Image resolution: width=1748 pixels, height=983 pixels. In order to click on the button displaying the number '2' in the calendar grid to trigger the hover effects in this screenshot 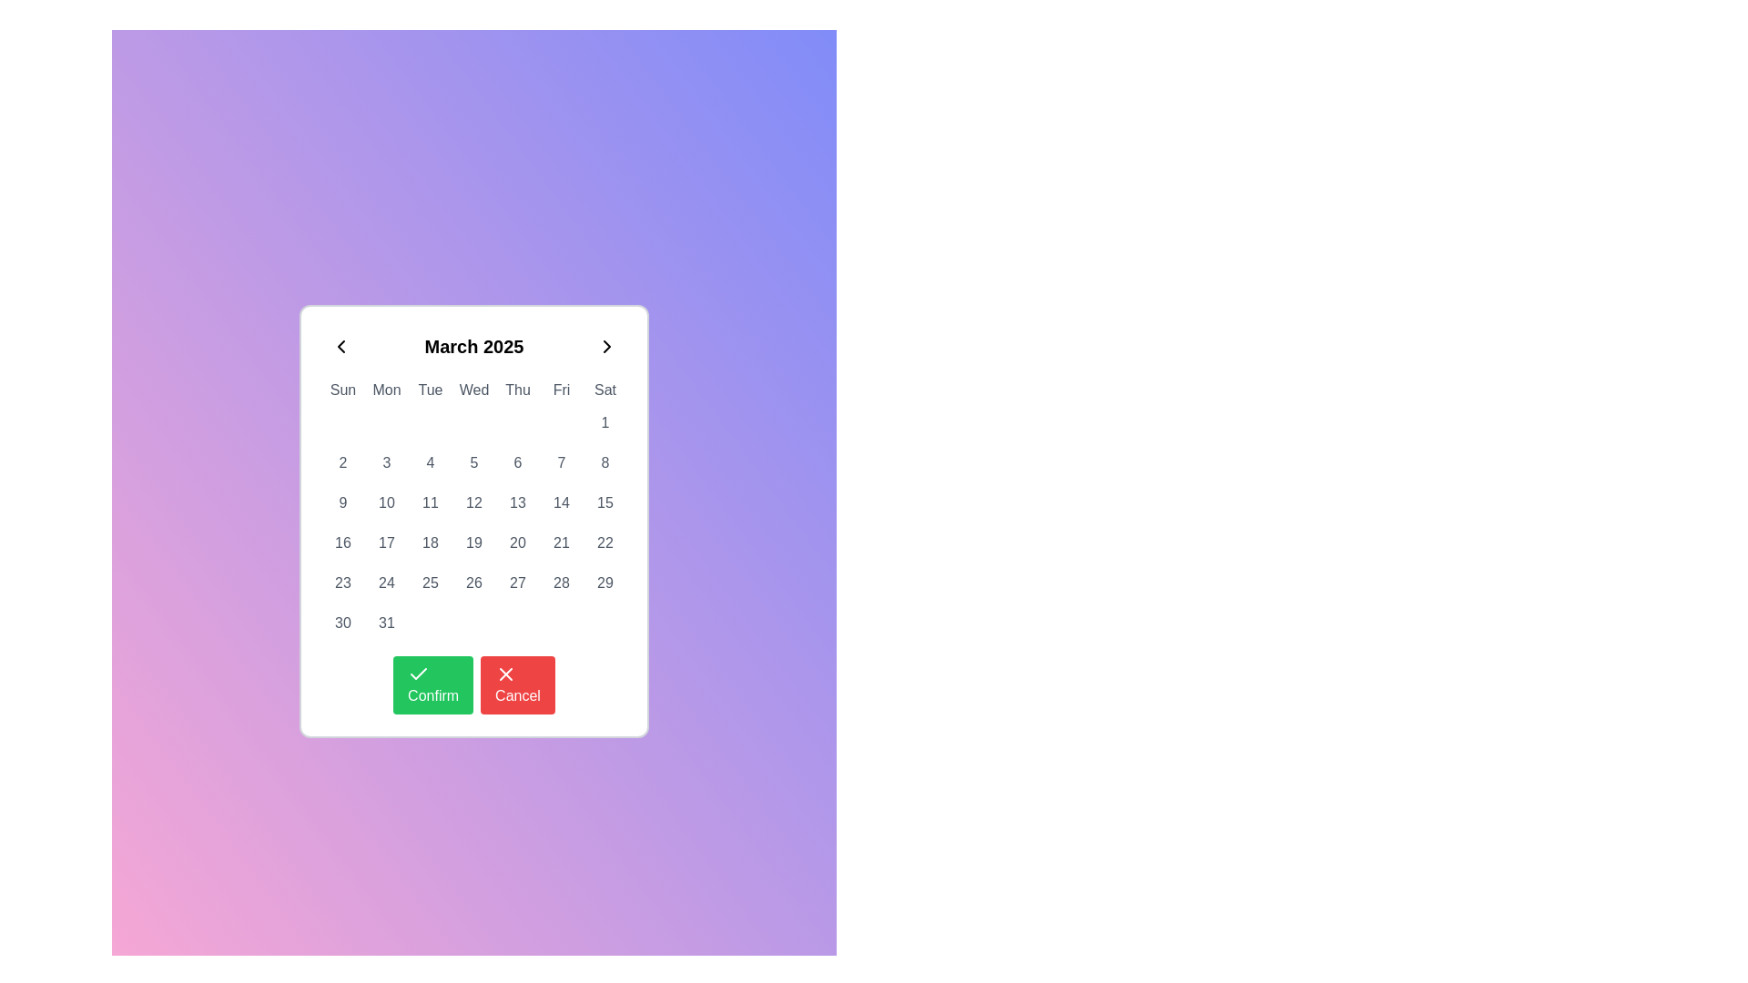, I will do `click(343, 462)`.